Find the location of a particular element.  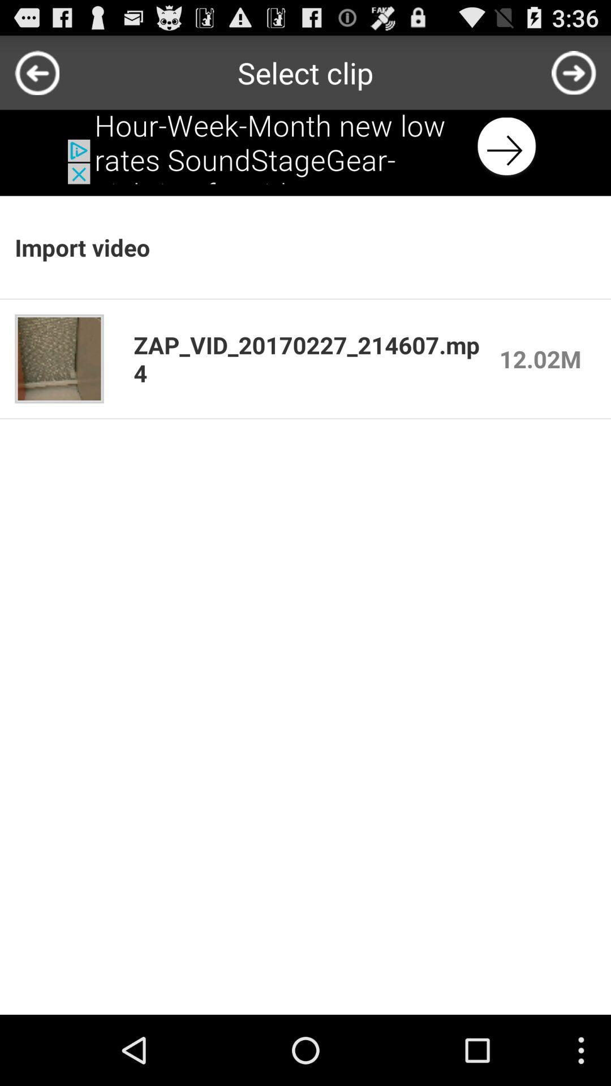

goto back is located at coordinates (36, 72).